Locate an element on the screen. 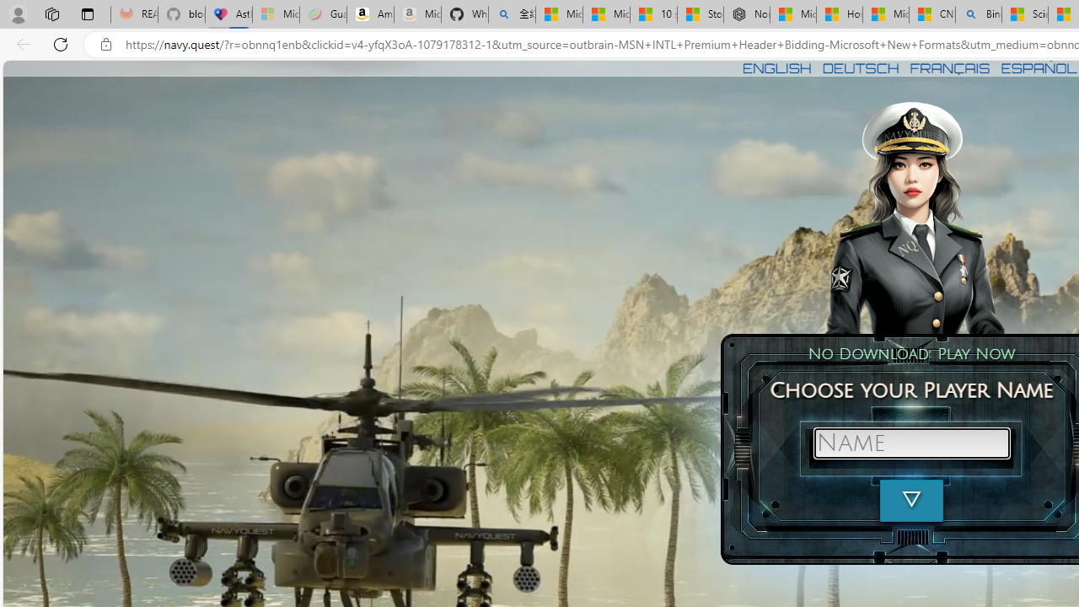 The height and width of the screenshot is (607, 1079). 'Bing' is located at coordinates (978, 14).